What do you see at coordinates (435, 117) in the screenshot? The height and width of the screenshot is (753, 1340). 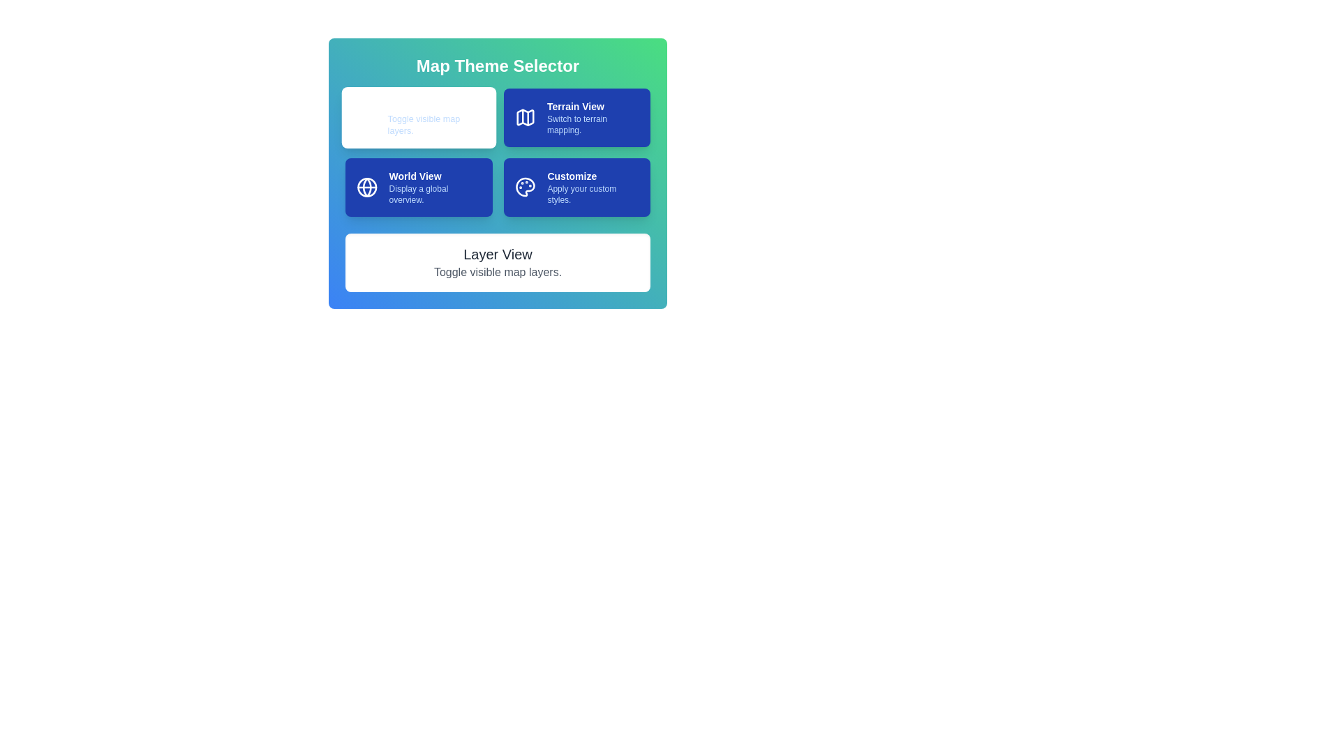 I see `descriptive text label for the 'Layer View' functionality located at the bottom center of the window` at bounding box center [435, 117].